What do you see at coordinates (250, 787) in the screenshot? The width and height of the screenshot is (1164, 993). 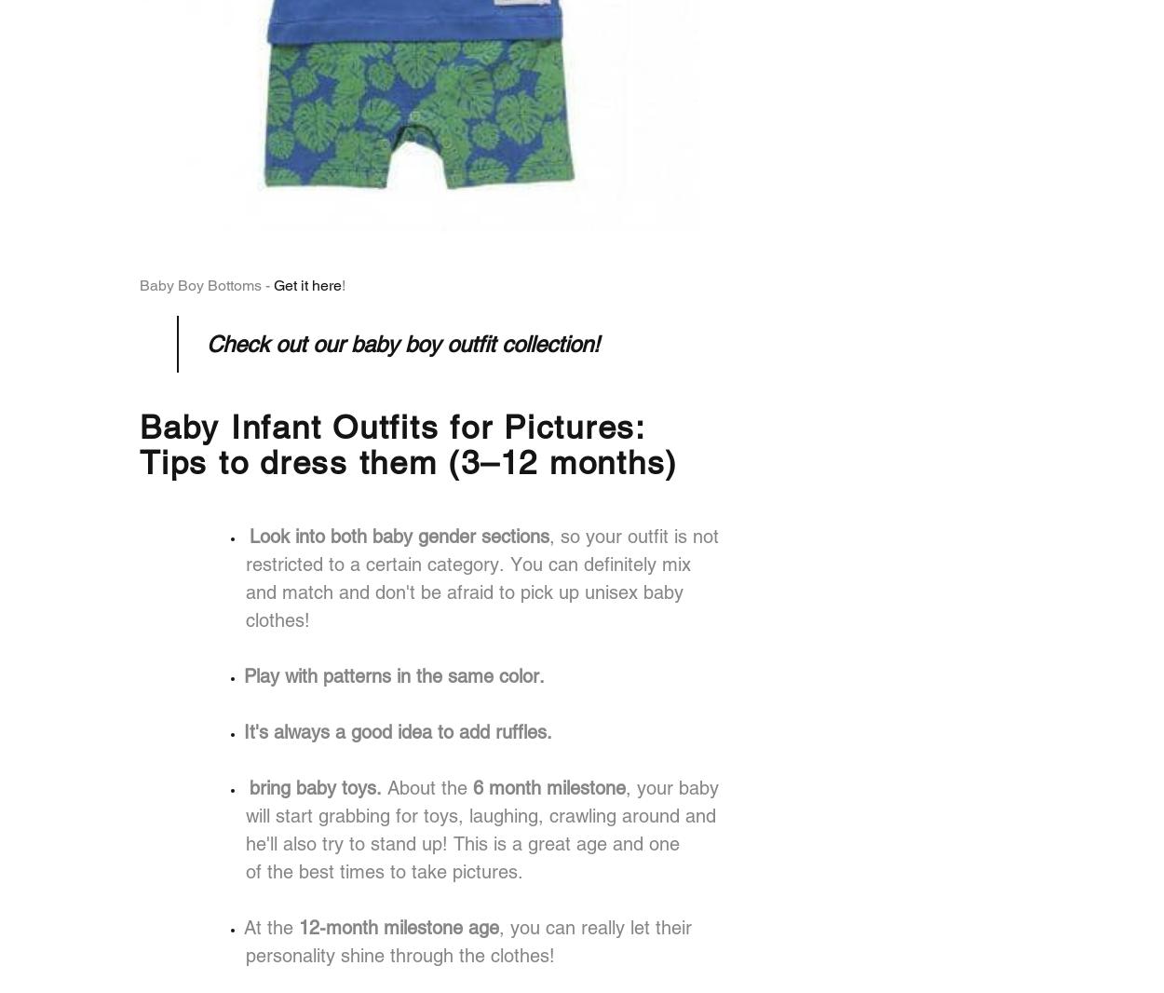 I see `'bring baby toys.'` at bounding box center [250, 787].